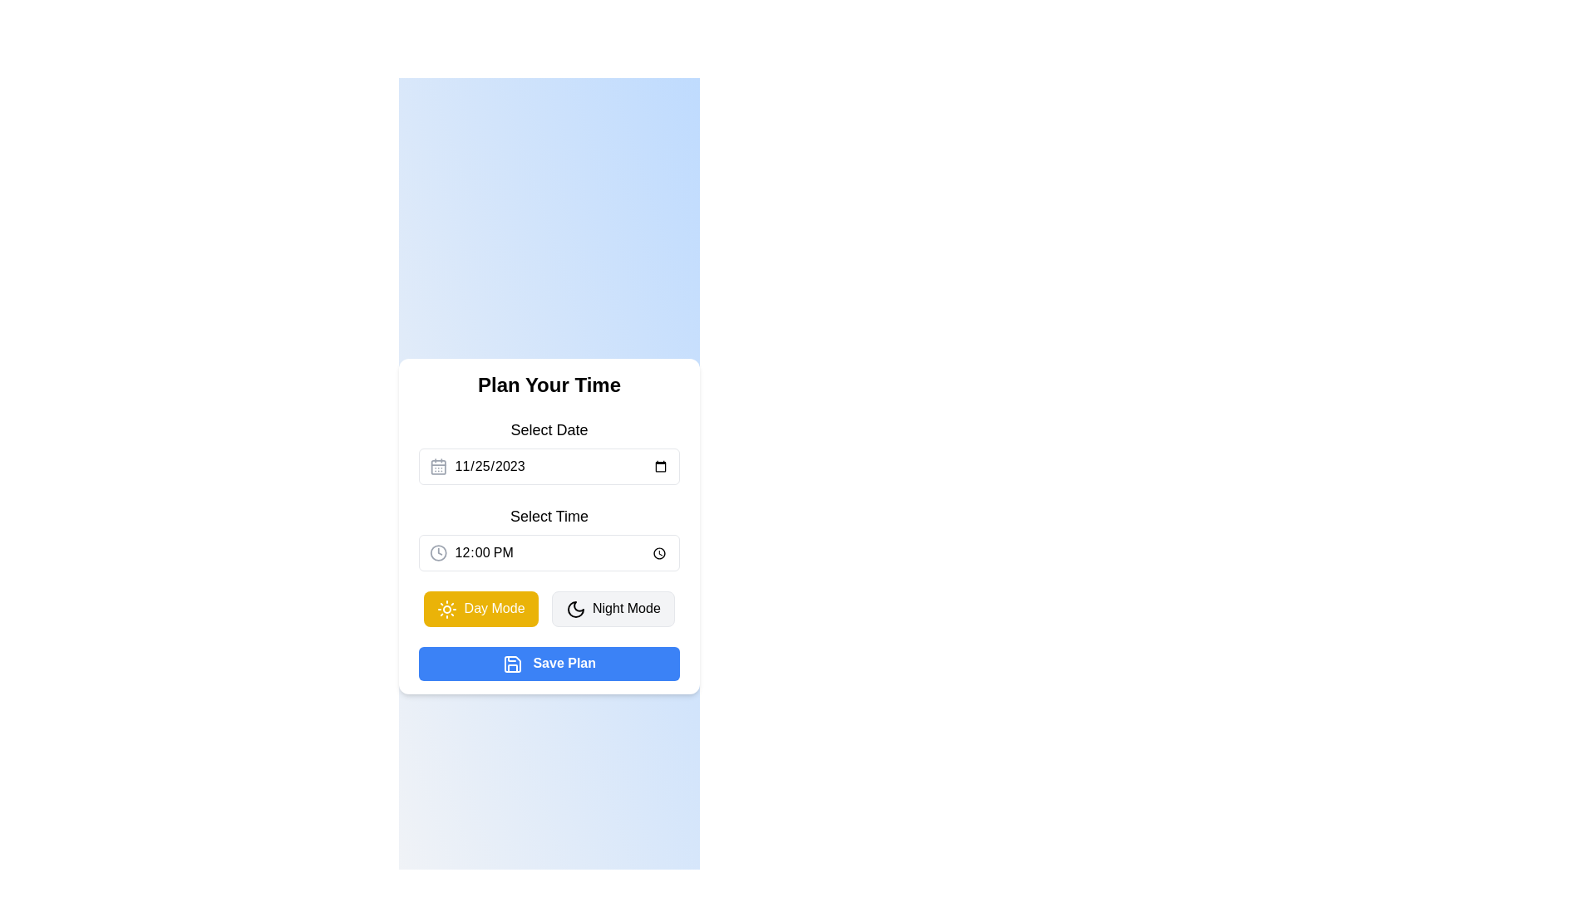  What do you see at coordinates (511, 663) in the screenshot?
I see `the floppy disk icon on the left side of the 'Save Plan' button located at the bottom of the layout` at bounding box center [511, 663].